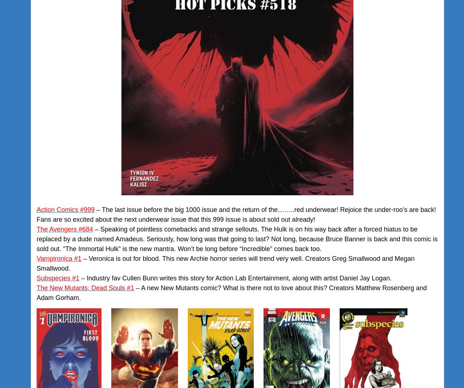 The image size is (464, 388). I want to click on 'Subspecies #1', so click(58, 278).